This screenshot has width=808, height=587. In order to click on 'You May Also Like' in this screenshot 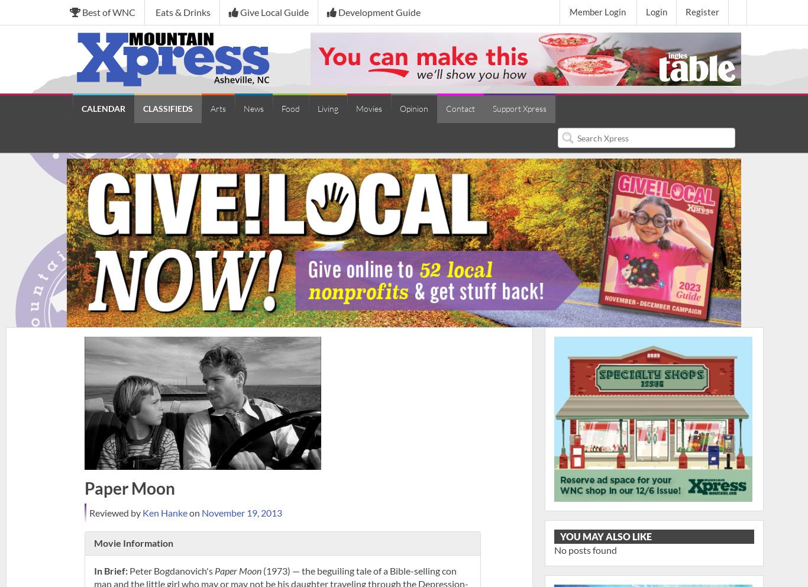, I will do `click(605, 536)`.